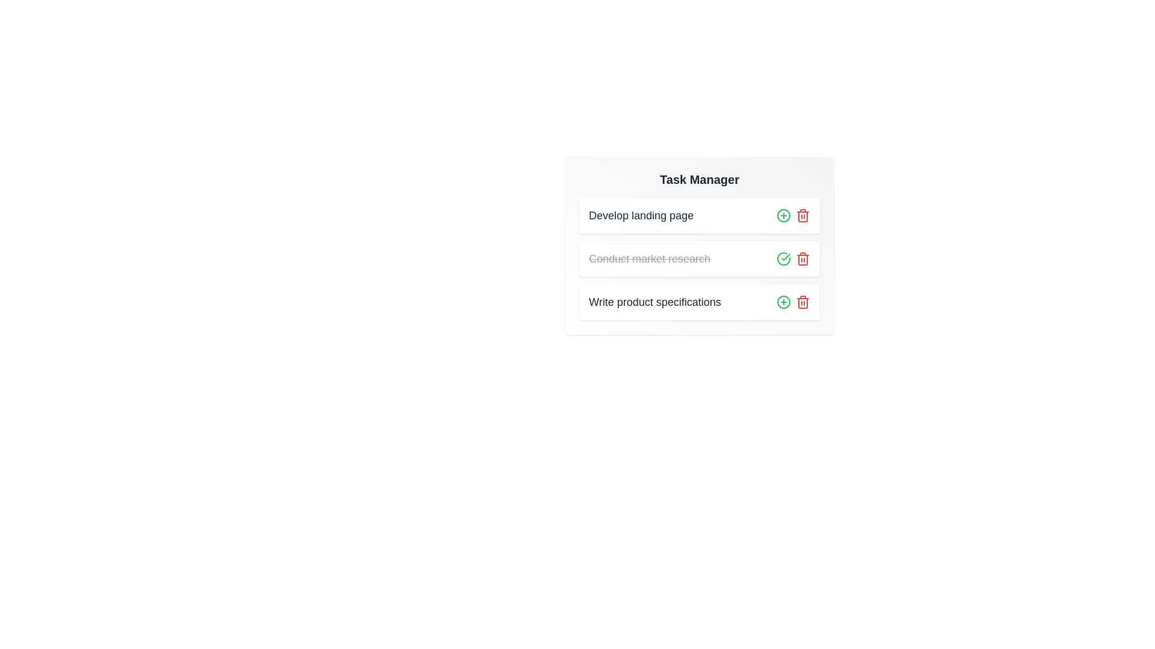  I want to click on the trash icon corresponding to the task 'Conduct market research' to delete it, so click(802, 258).